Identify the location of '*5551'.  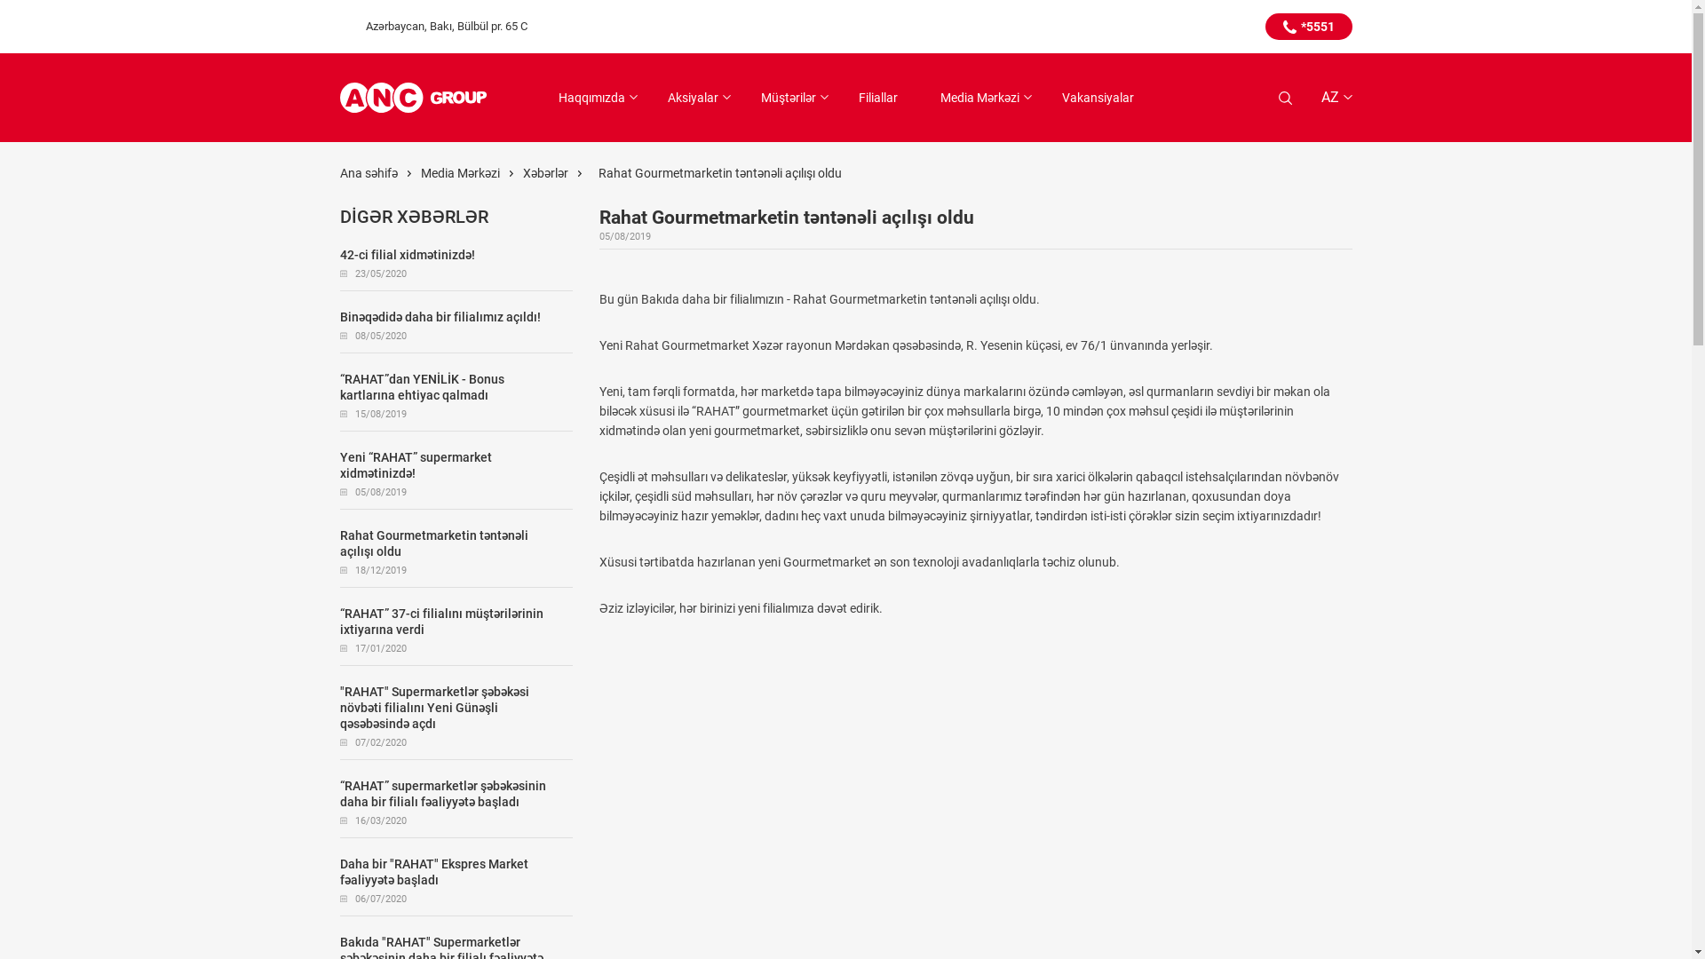
(1264, 27).